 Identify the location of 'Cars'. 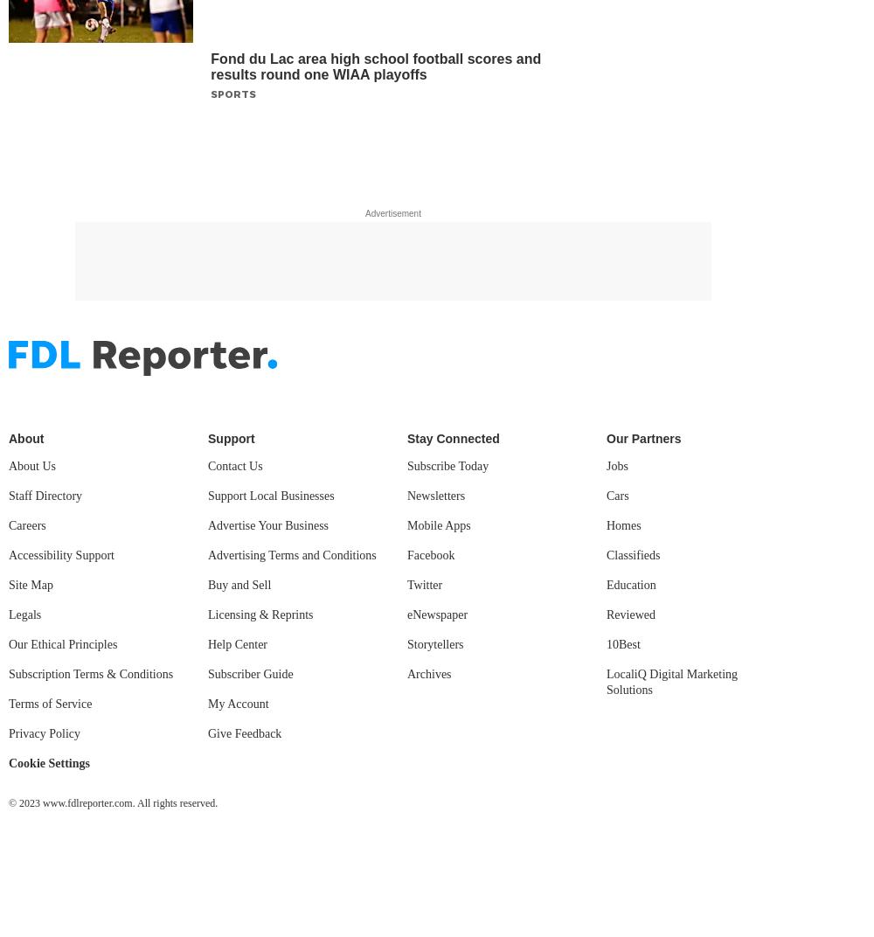
(616, 495).